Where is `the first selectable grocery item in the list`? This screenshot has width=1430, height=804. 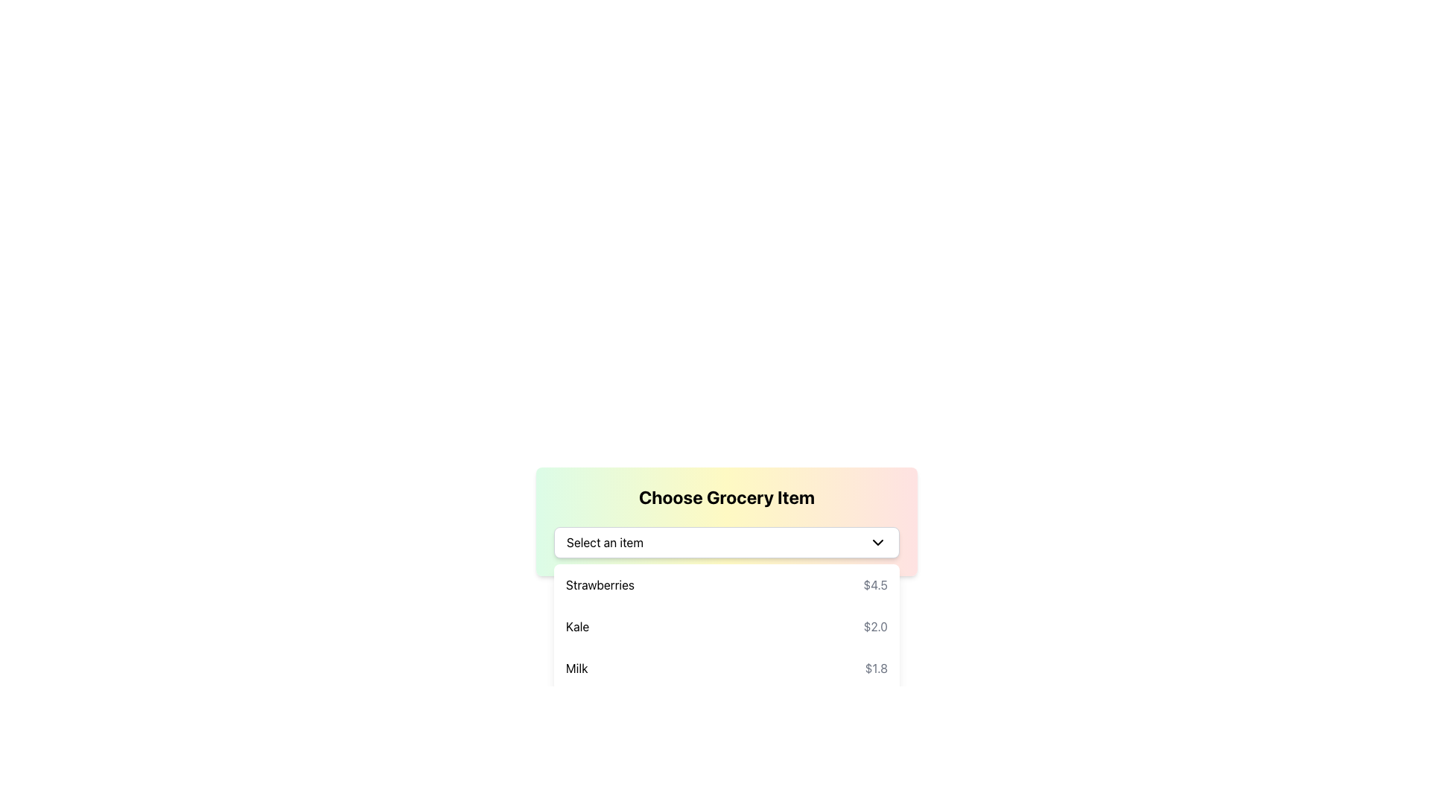
the first selectable grocery item in the list is located at coordinates (726, 584).